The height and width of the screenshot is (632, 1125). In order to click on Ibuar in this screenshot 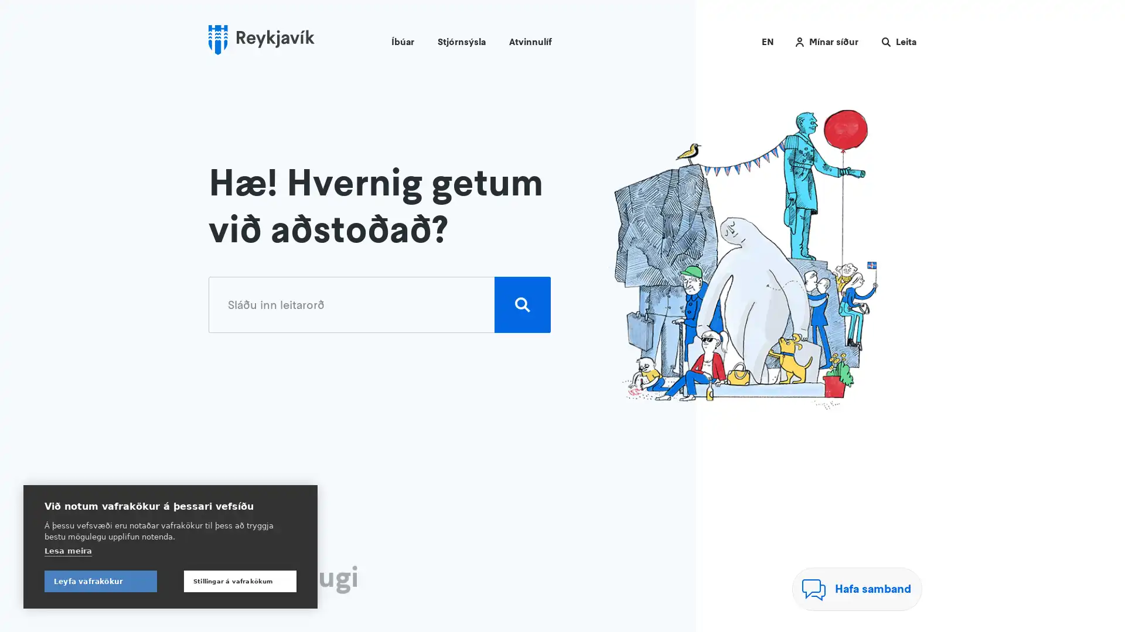, I will do `click(403, 39)`.